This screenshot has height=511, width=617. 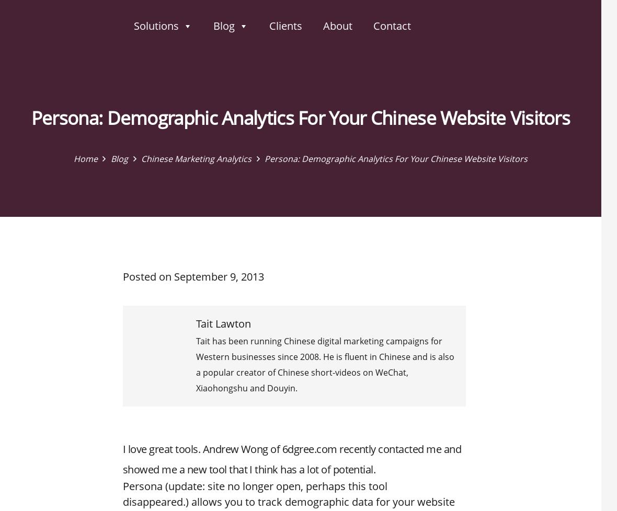 What do you see at coordinates (156, 26) in the screenshot?
I see `'Solutions'` at bounding box center [156, 26].